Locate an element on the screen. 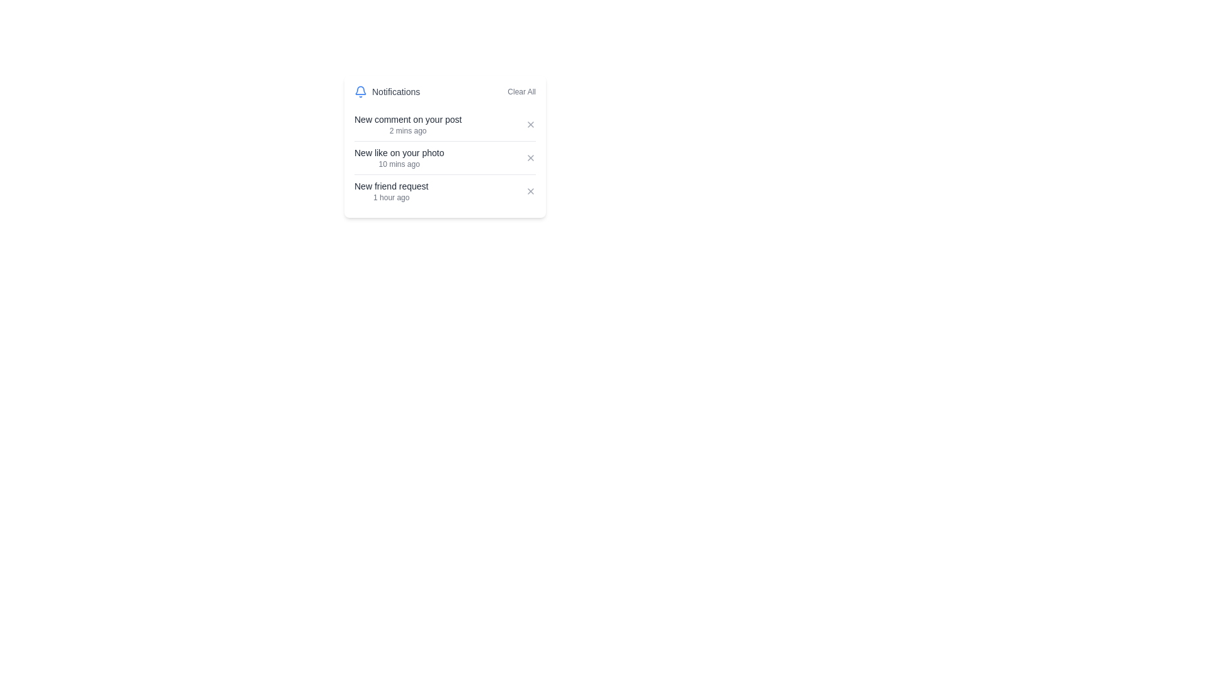  the dismiss button (the 'X' icon) on the notification entry that states 'New like on your photo - 10 mins ago' is located at coordinates (531, 157).